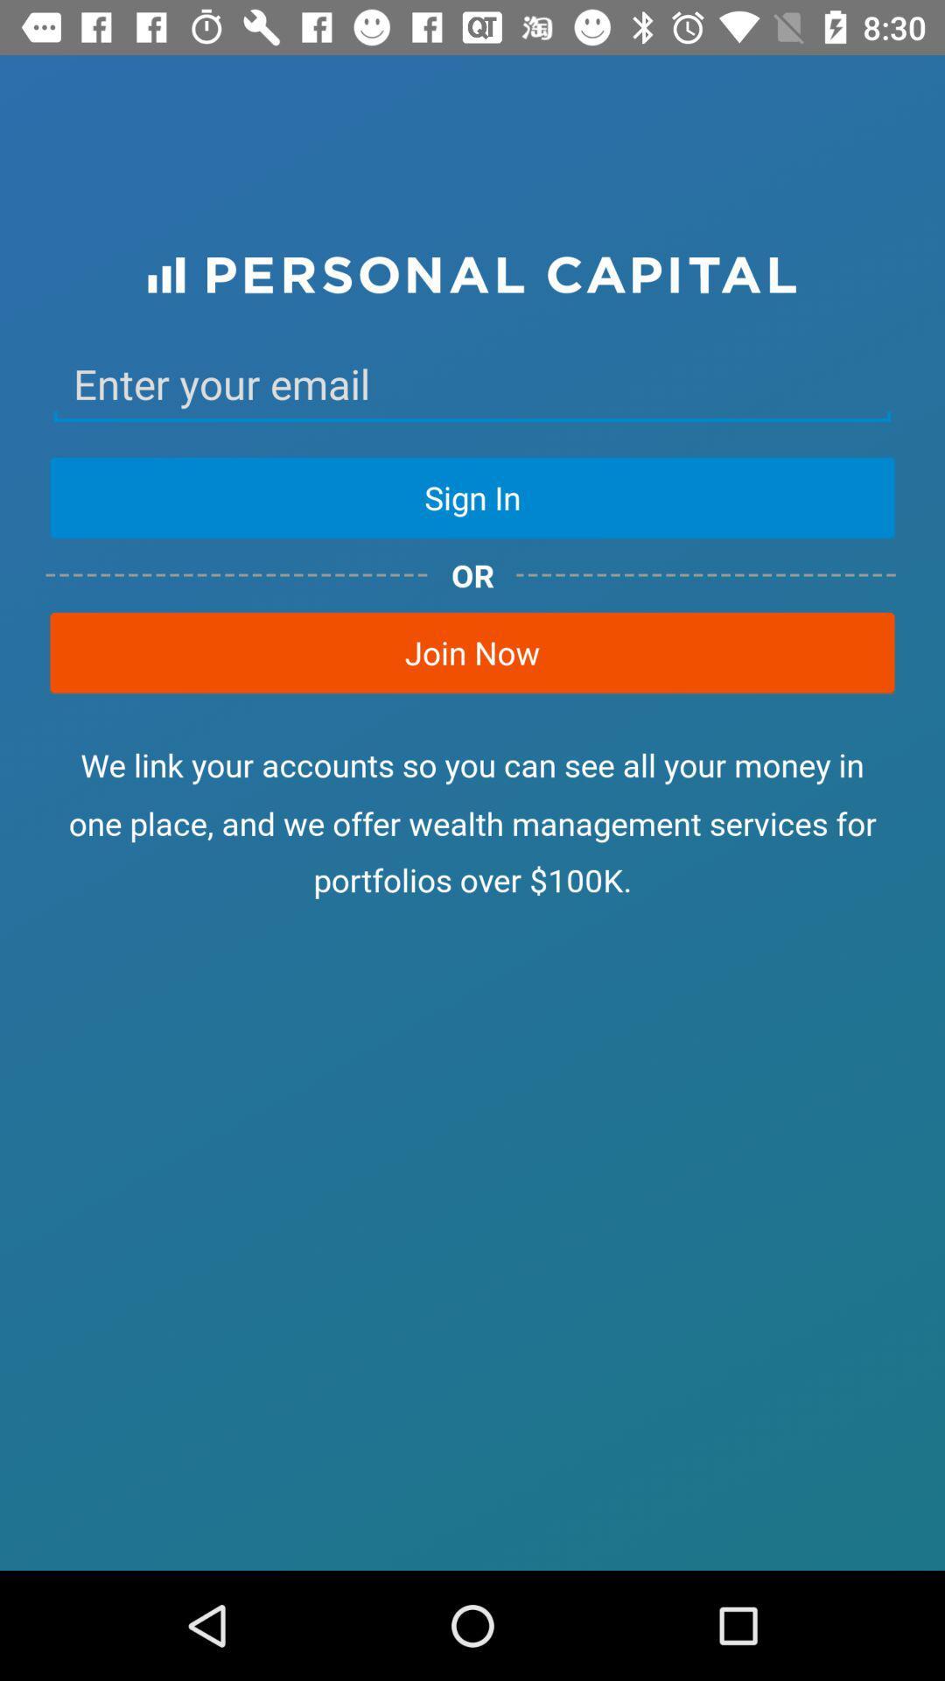 This screenshot has height=1681, width=945. Describe the element at coordinates (472, 383) in the screenshot. I see `your email` at that location.